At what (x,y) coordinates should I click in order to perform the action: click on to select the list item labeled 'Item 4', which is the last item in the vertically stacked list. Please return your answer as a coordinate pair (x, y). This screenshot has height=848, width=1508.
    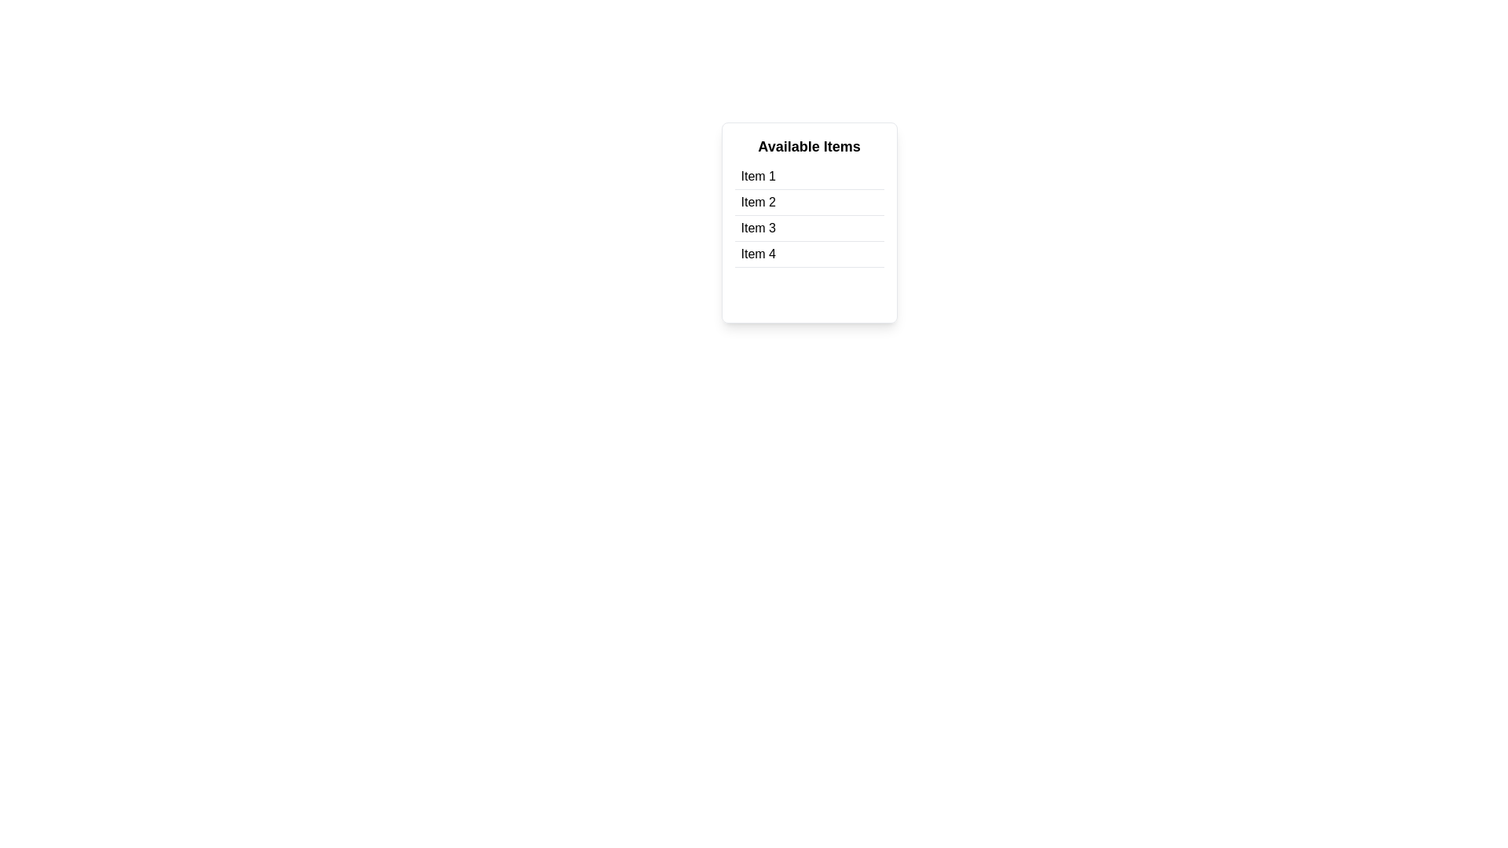
    Looking at the image, I should click on (809, 254).